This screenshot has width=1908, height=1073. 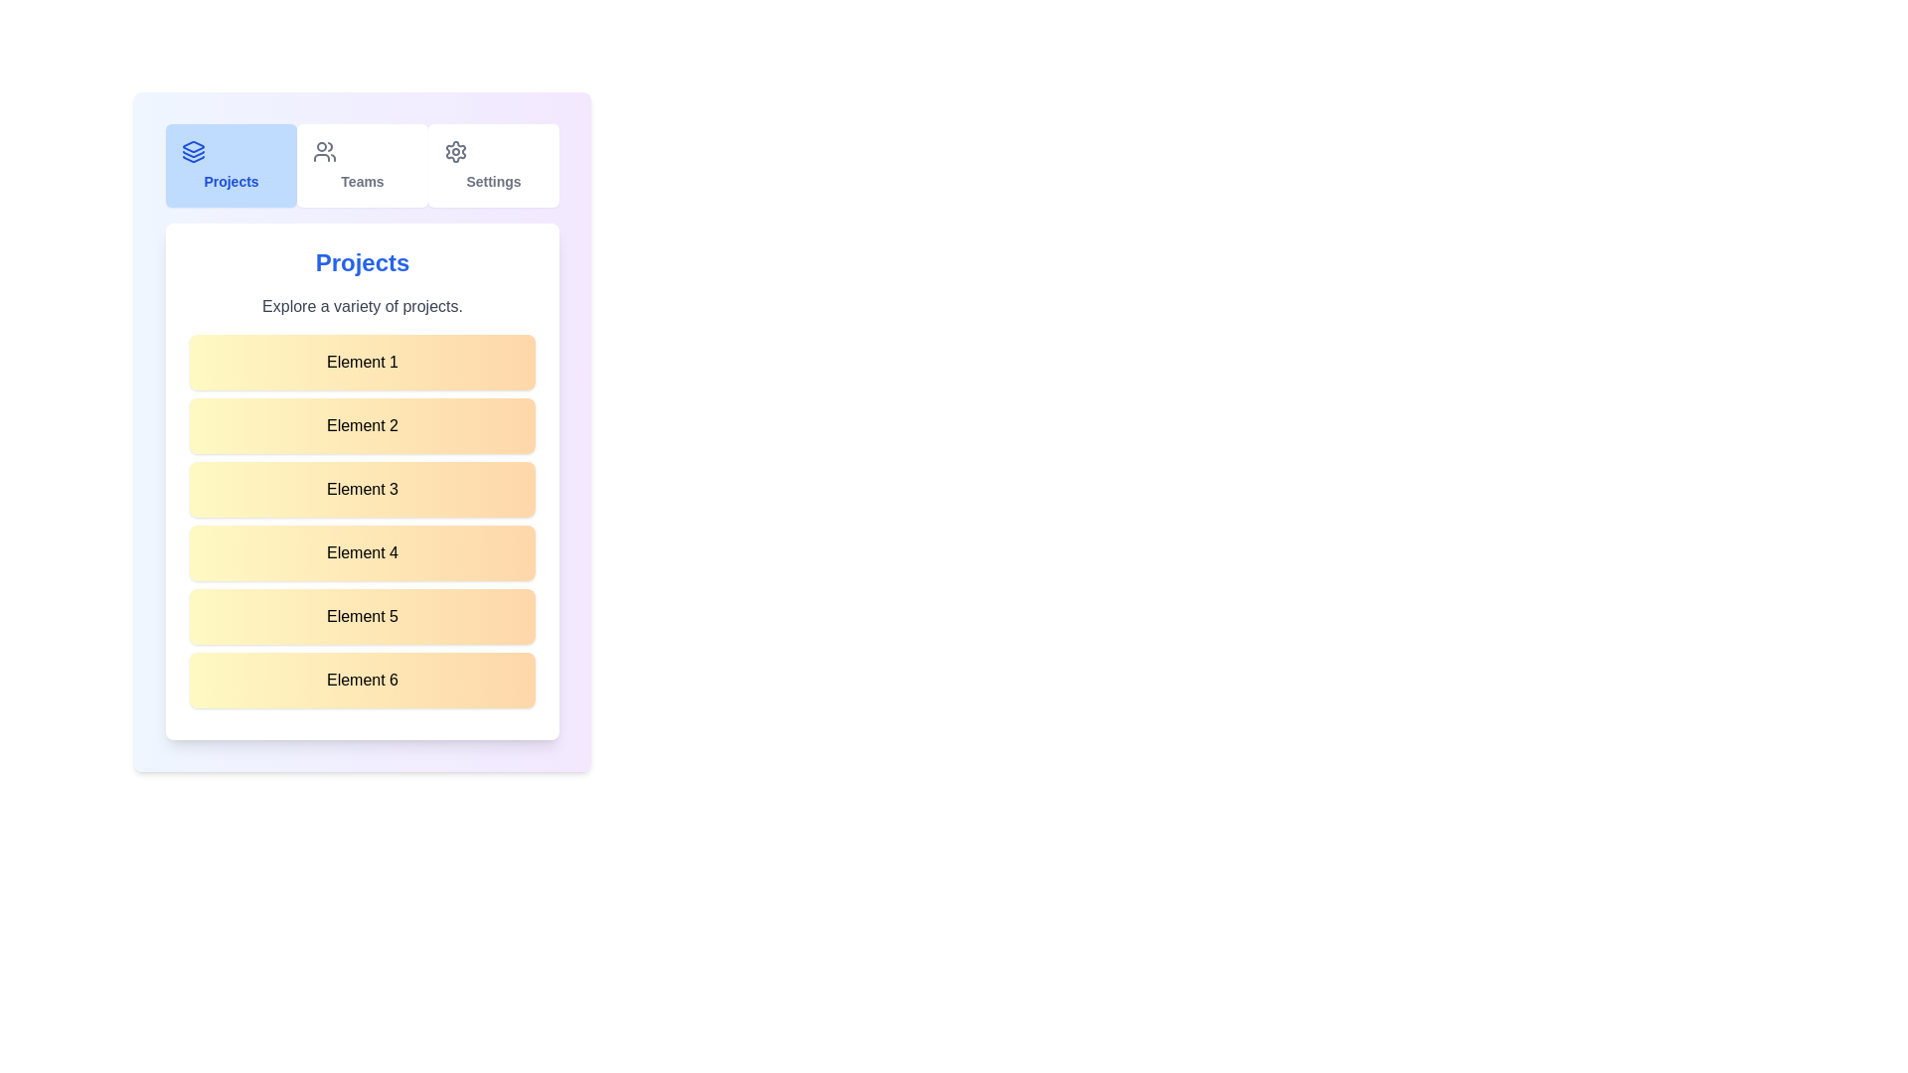 What do you see at coordinates (362, 164) in the screenshot?
I see `the Teams tab` at bounding box center [362, 164].